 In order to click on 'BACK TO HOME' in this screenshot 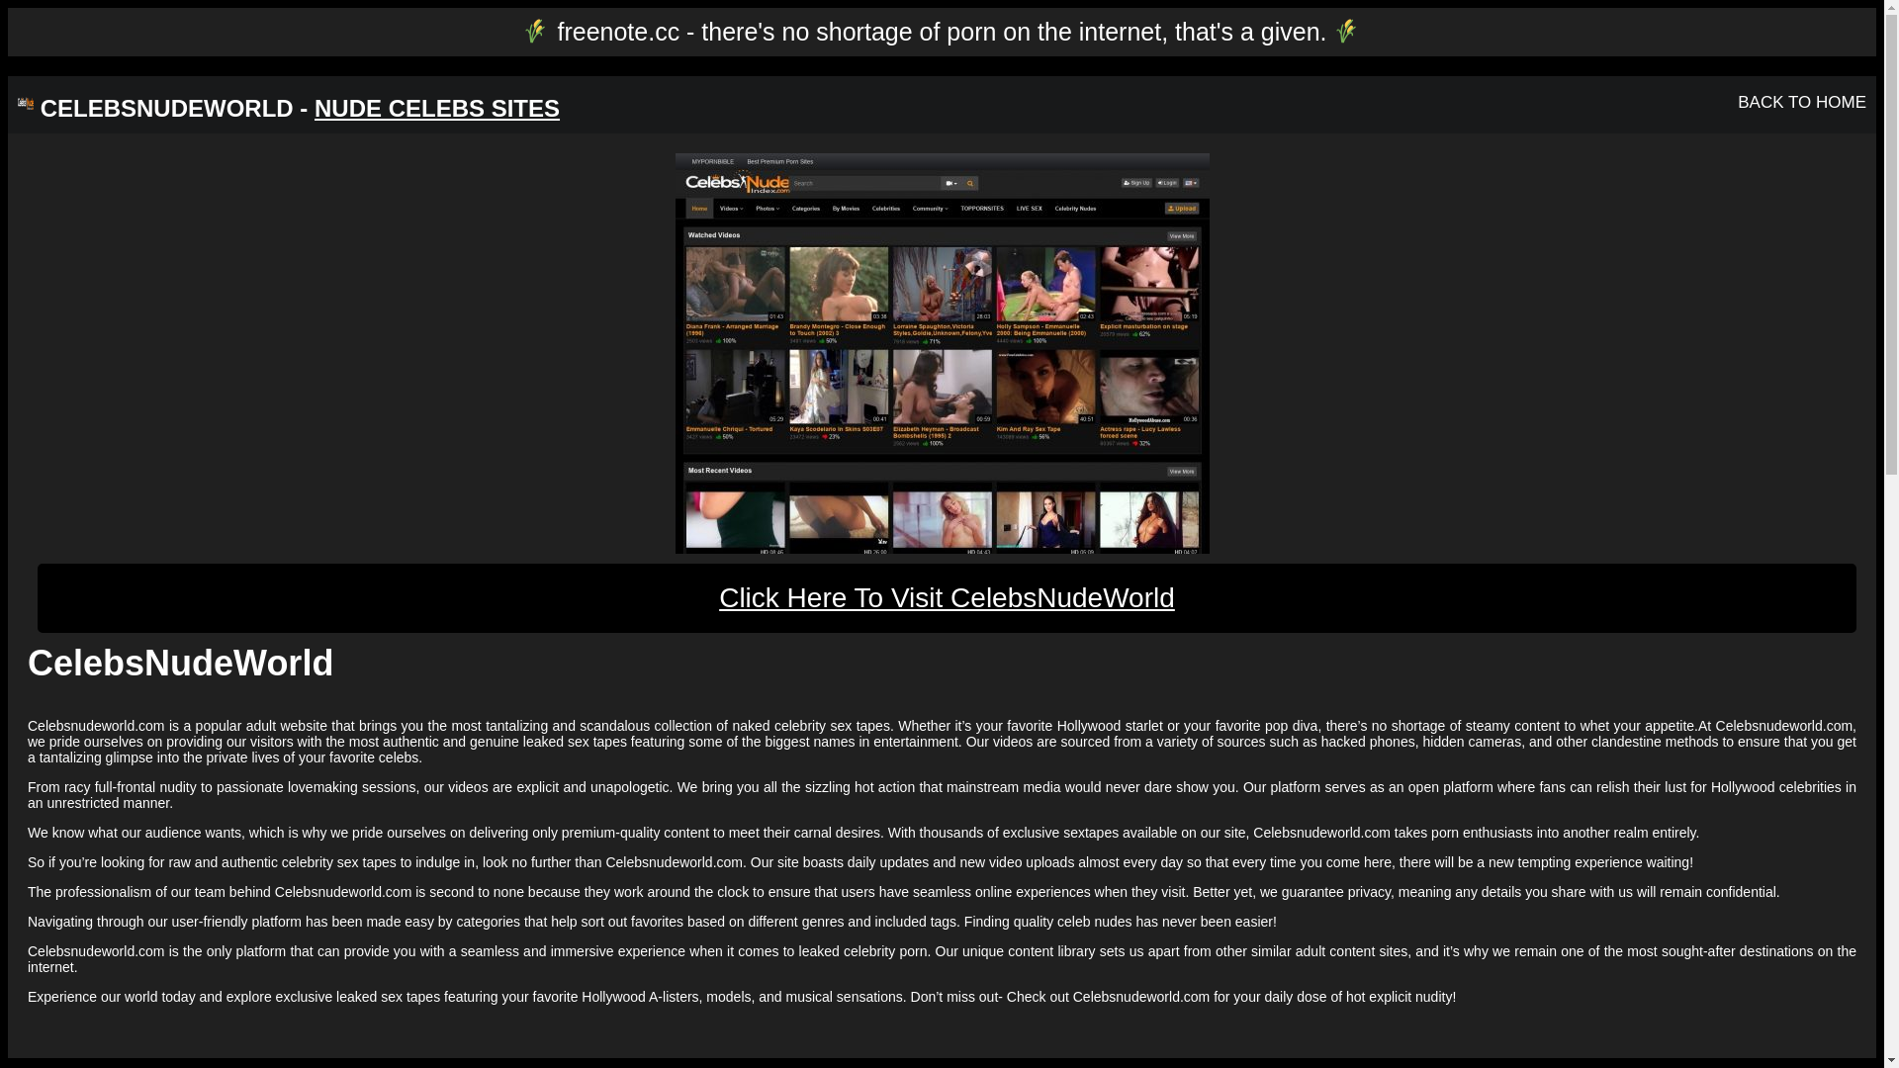, I will do `click(1802, 102)`.